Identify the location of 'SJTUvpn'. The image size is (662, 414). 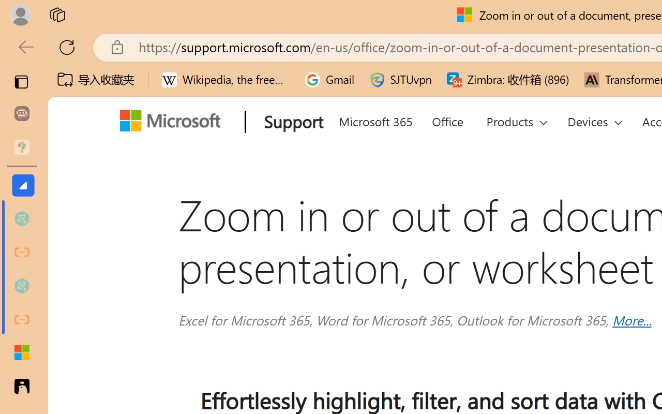
(400, 80).